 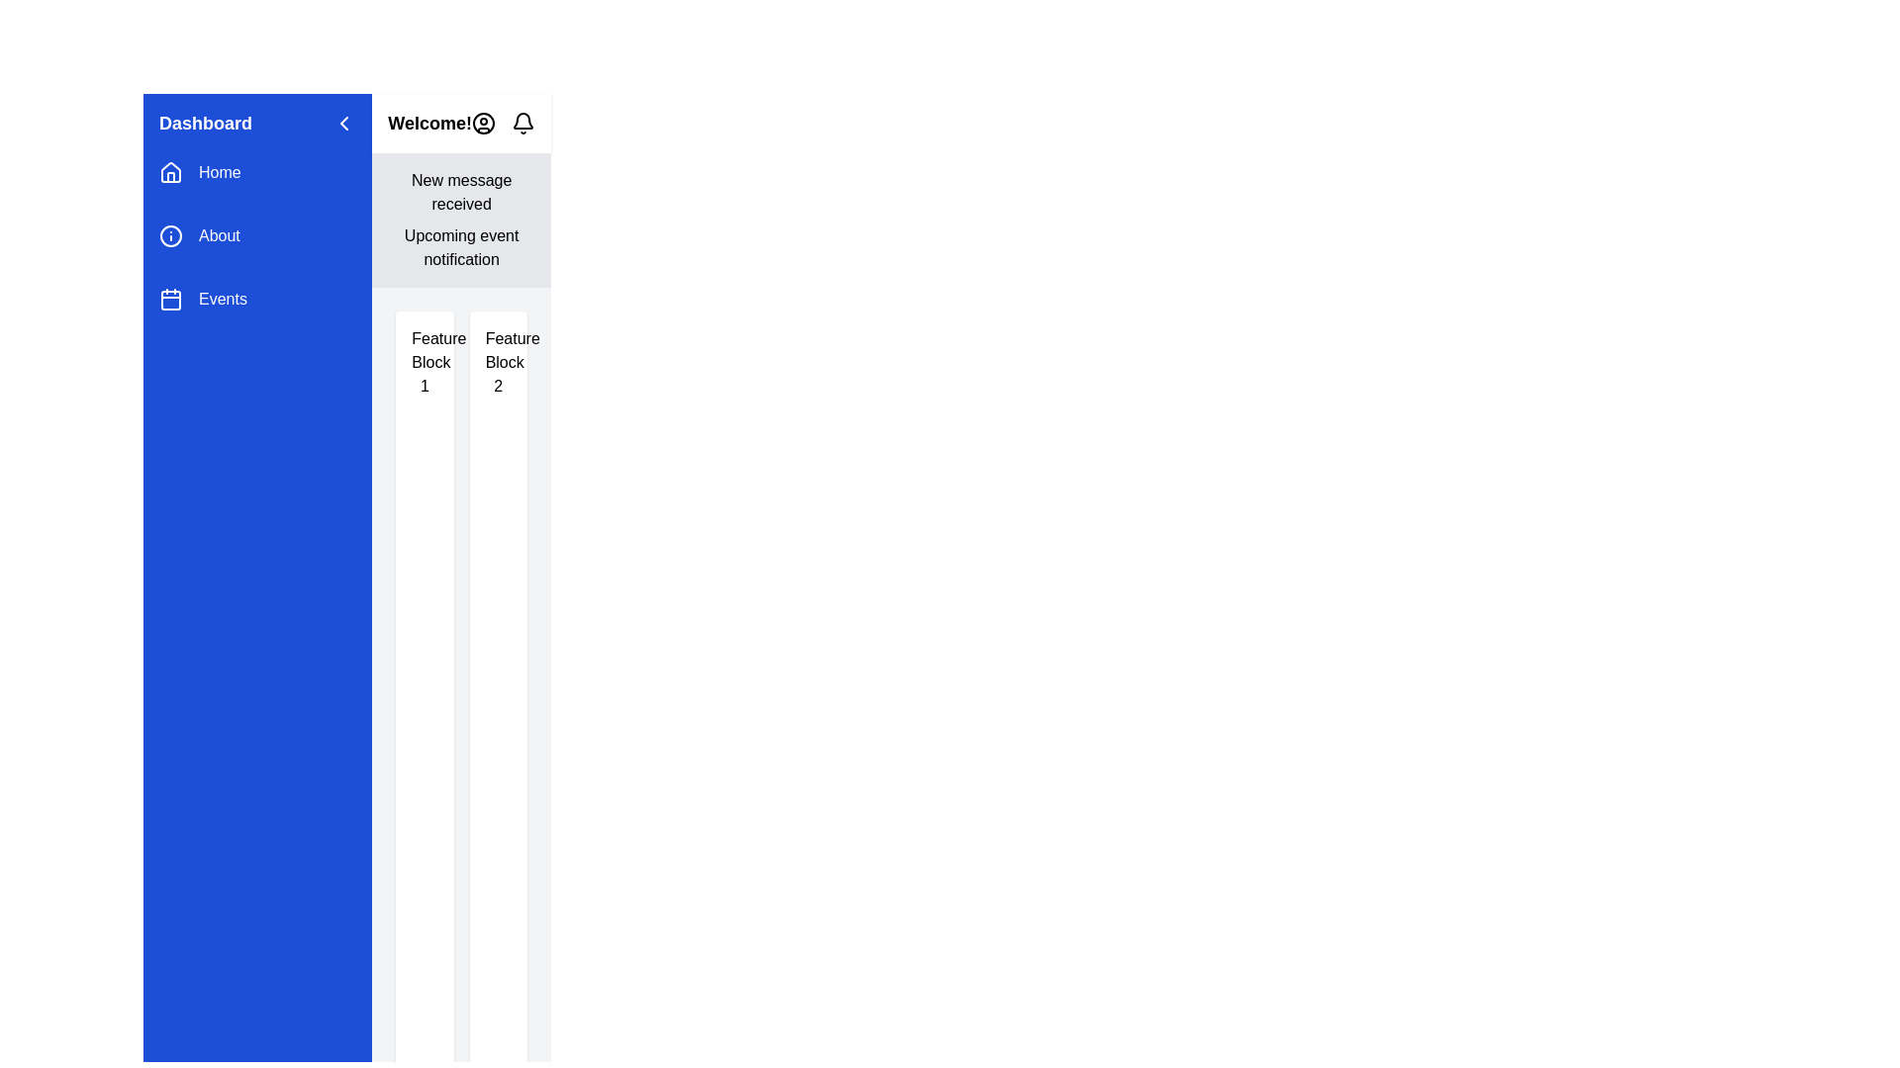 I want to click on the bell icon button located in the top right corner of the interface, so click(x=522, y=123).